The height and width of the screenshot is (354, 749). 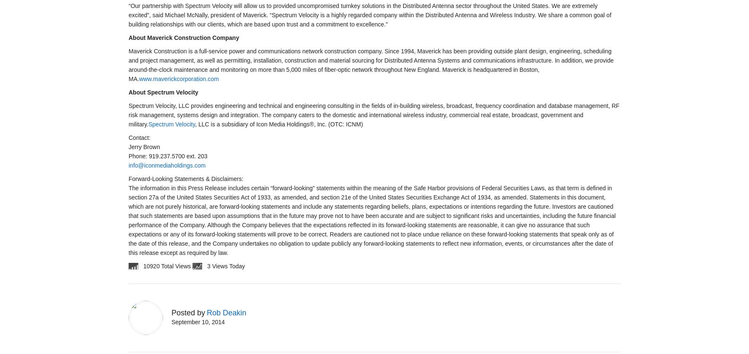 I want to click on 'Rob Deakin', so click(x=206, y=312).